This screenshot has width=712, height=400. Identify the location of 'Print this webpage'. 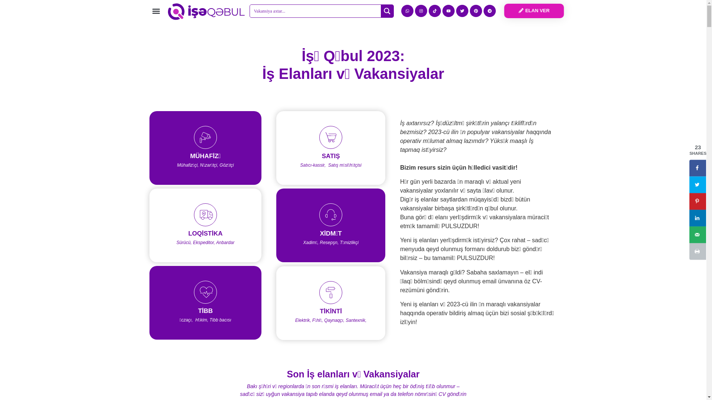
(697, 251).